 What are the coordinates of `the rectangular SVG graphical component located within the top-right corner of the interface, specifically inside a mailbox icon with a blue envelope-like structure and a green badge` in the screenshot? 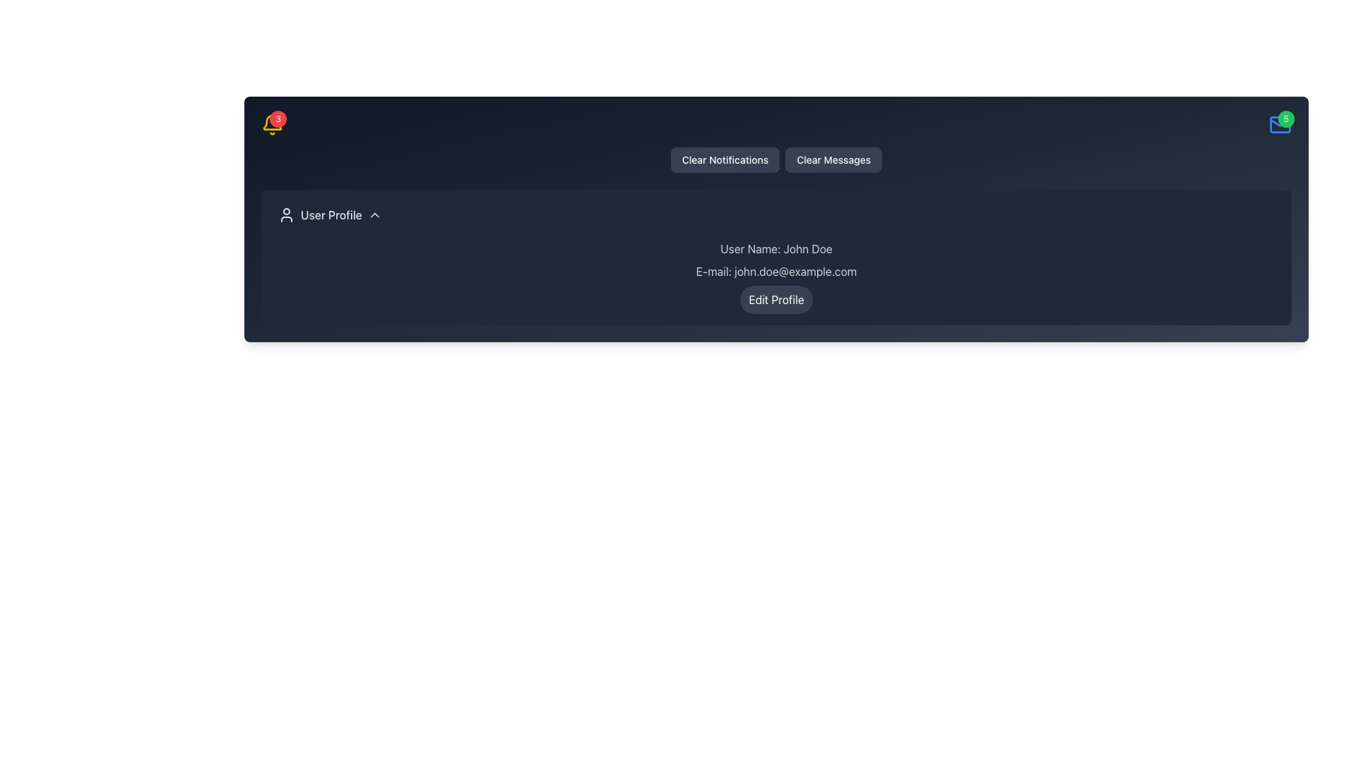 It's located at (1280, 124).